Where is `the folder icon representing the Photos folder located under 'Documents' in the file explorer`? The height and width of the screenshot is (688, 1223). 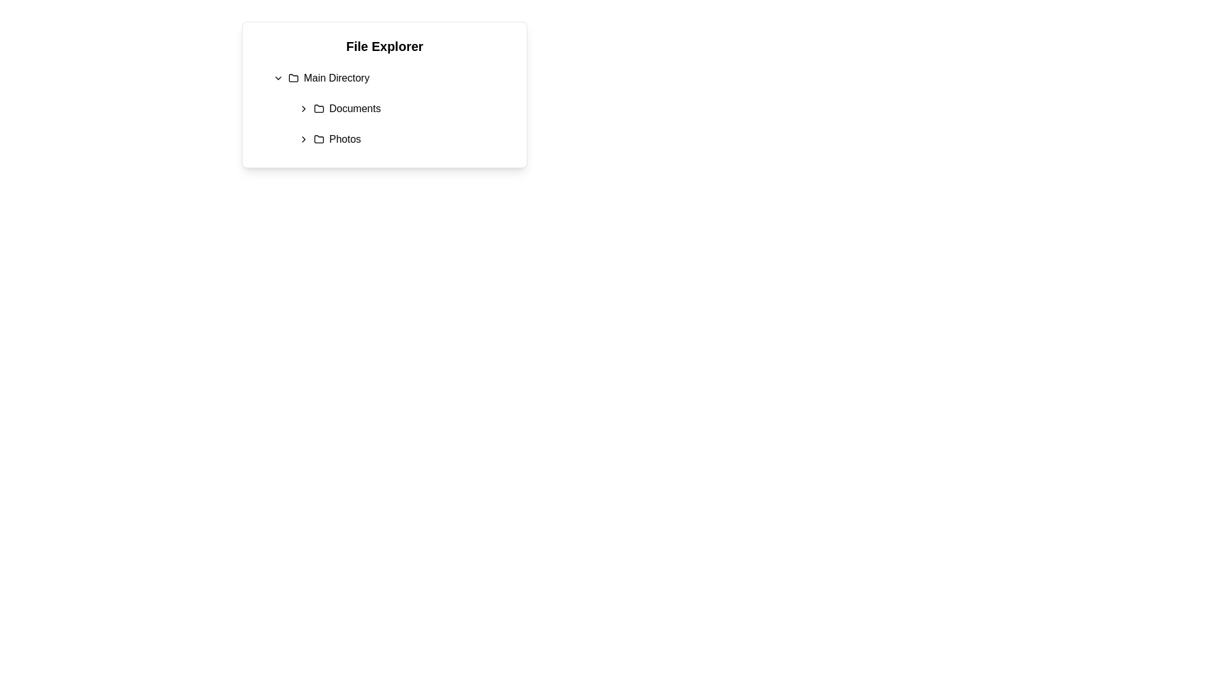
the folder icon representing the Photos folder located under 'Documents' in the file explorer is located at coordinates (318, 139).